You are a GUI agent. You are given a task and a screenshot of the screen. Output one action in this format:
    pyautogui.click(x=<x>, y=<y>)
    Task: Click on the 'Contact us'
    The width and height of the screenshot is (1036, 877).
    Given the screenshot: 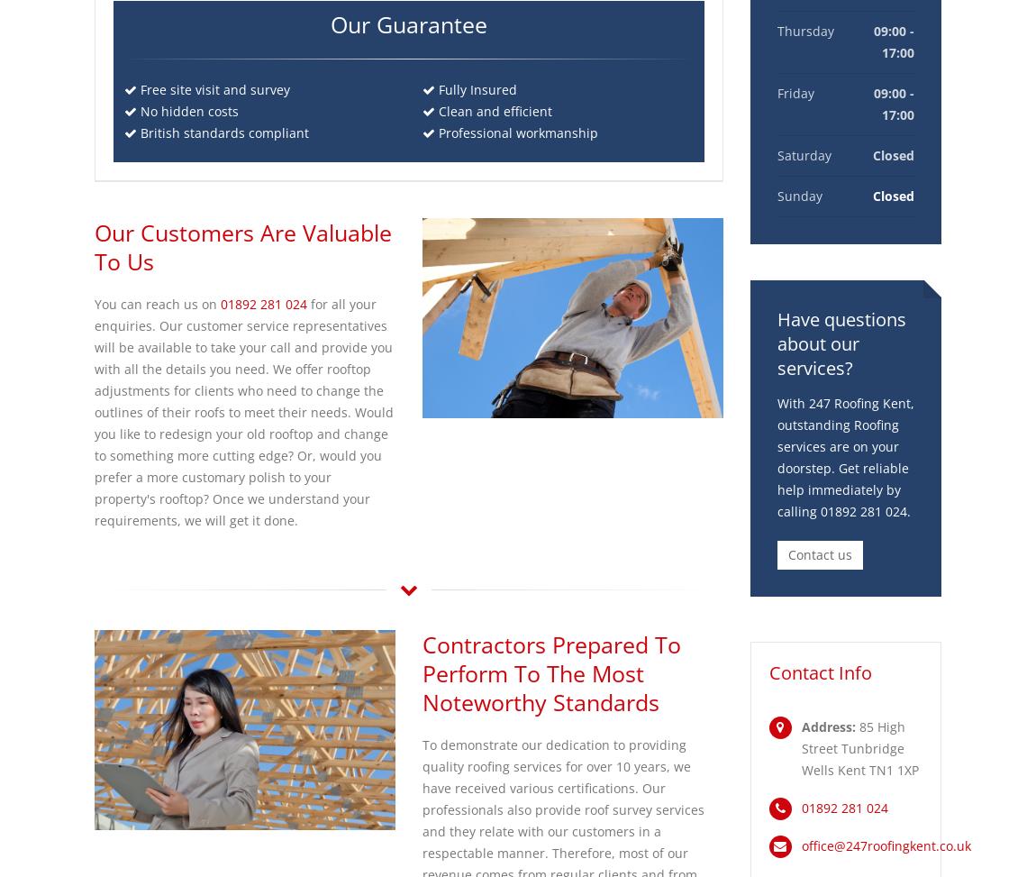 What is the action you would take?
    pyautogui.click(x=819, y=554)
    